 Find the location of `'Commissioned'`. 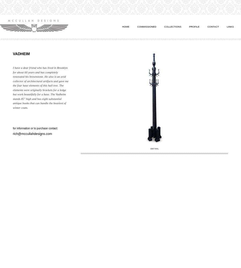

'Commissioned' is located at coordinates (146, 26).